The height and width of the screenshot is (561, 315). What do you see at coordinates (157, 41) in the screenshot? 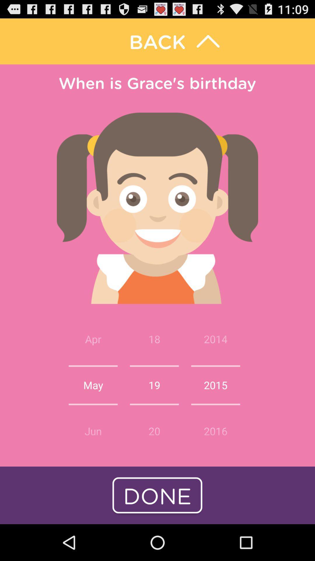
I see `go back` at bounding box center [157, 41].